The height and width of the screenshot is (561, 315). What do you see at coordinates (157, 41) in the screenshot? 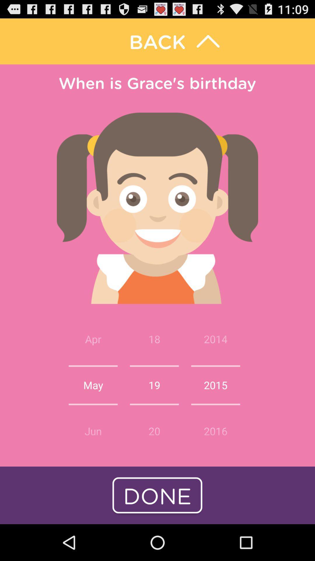
I see `go back` at bounding box center [157, 41].